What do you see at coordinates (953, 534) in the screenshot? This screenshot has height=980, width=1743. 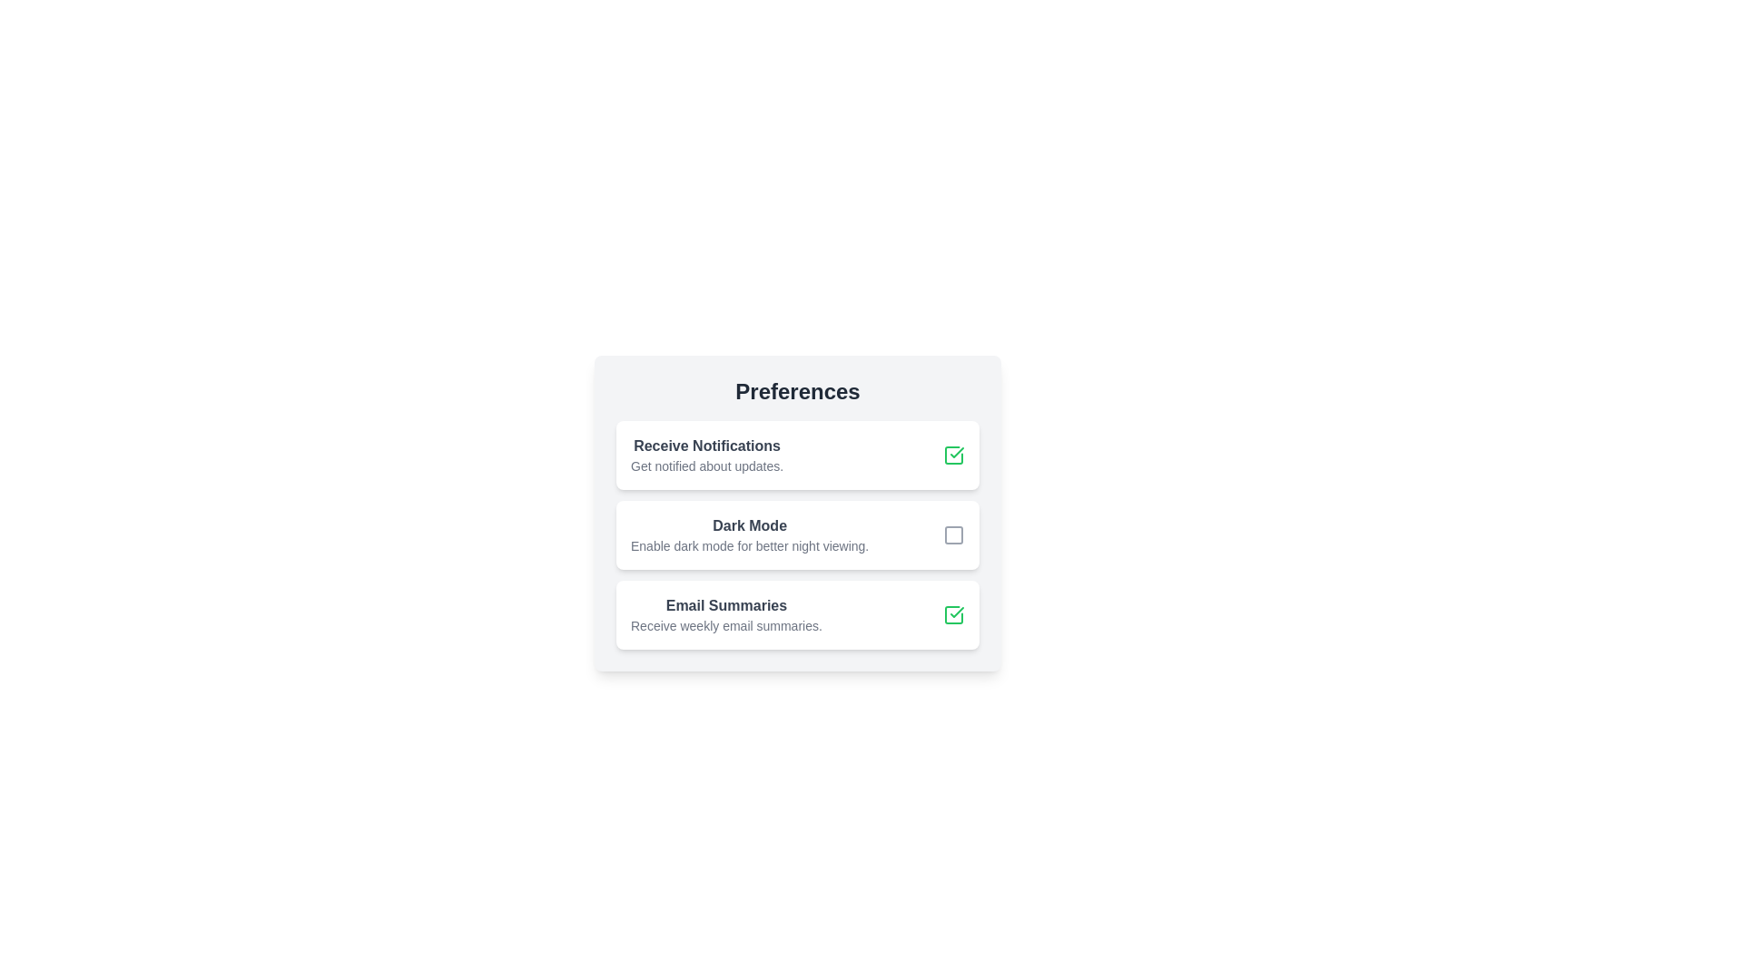 I see `the checkbox in the top-right corner of the 'Dark Mode' setting option` at bounding box center [953, 534].